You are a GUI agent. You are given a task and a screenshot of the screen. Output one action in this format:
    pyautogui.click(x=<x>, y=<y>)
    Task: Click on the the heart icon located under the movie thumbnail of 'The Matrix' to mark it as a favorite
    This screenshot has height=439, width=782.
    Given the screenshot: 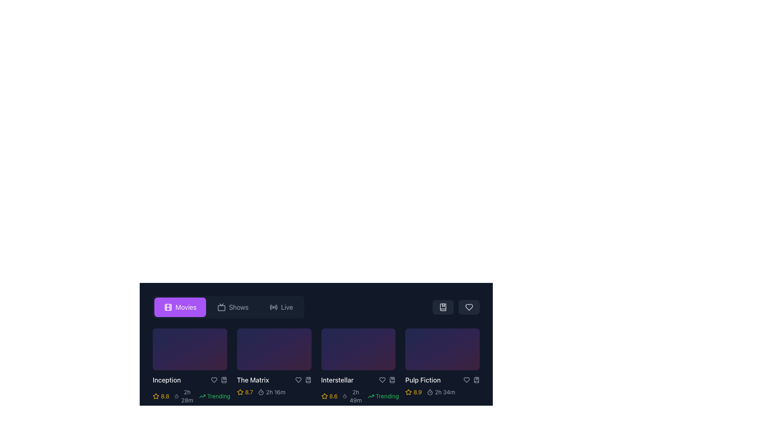 What is the action you would take?
    pyautogui.click(x=298, y=380)
    